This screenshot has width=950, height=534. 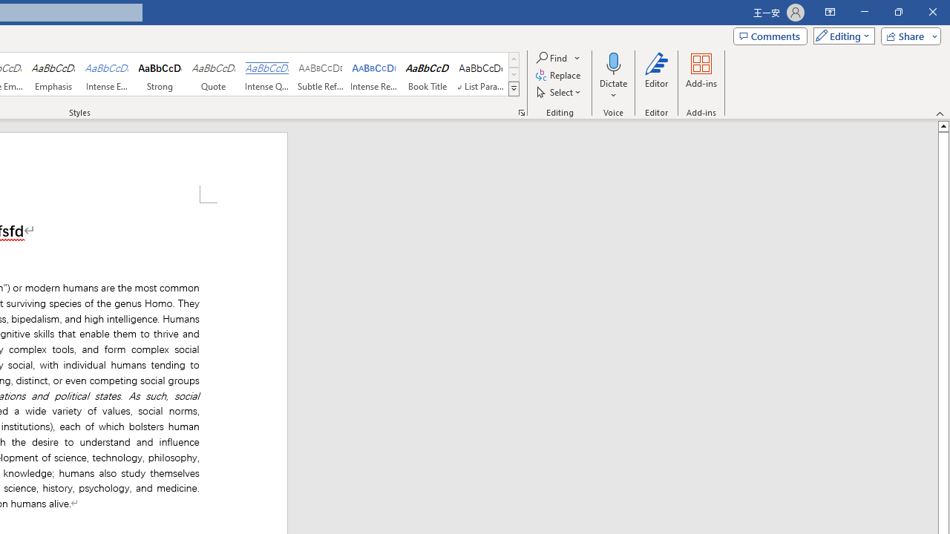 What do you see at coordinates (514, 74) in the screenshot?
I see `'Row Down'` at bounding box center [514, 74].